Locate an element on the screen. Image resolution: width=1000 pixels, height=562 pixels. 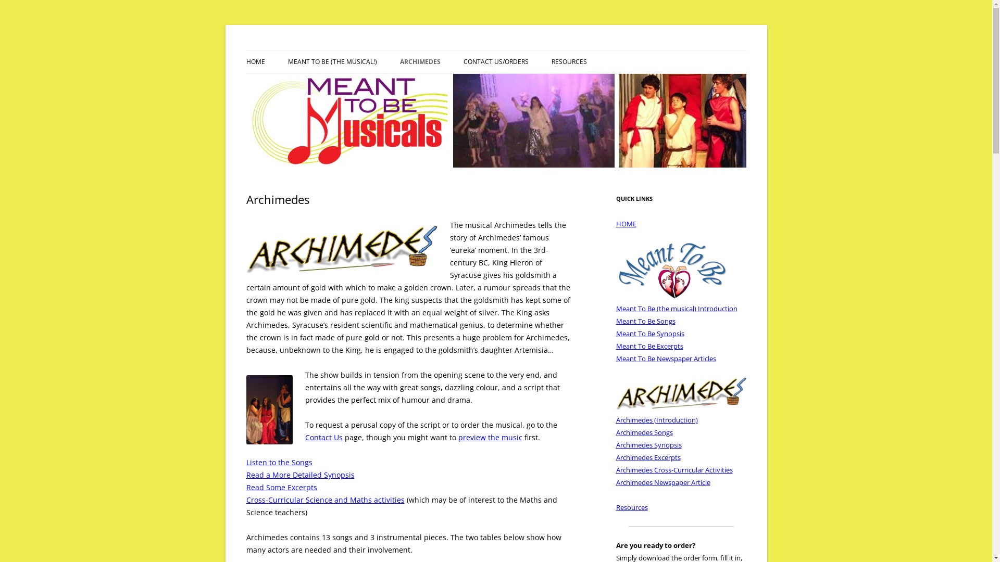
'HOME' is located at coordinates (255, 62).